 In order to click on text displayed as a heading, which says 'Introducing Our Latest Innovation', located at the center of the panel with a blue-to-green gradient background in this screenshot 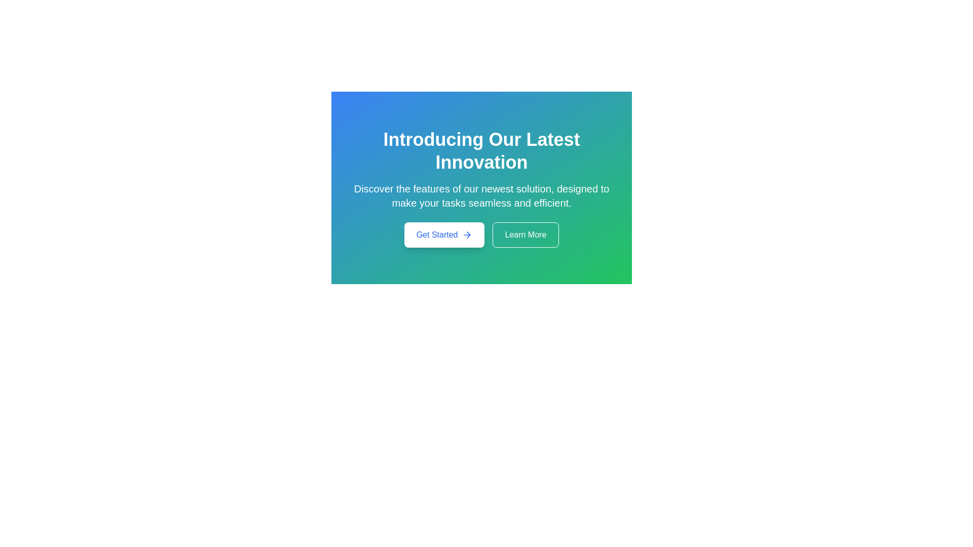, I will do `click(481, 150)`.